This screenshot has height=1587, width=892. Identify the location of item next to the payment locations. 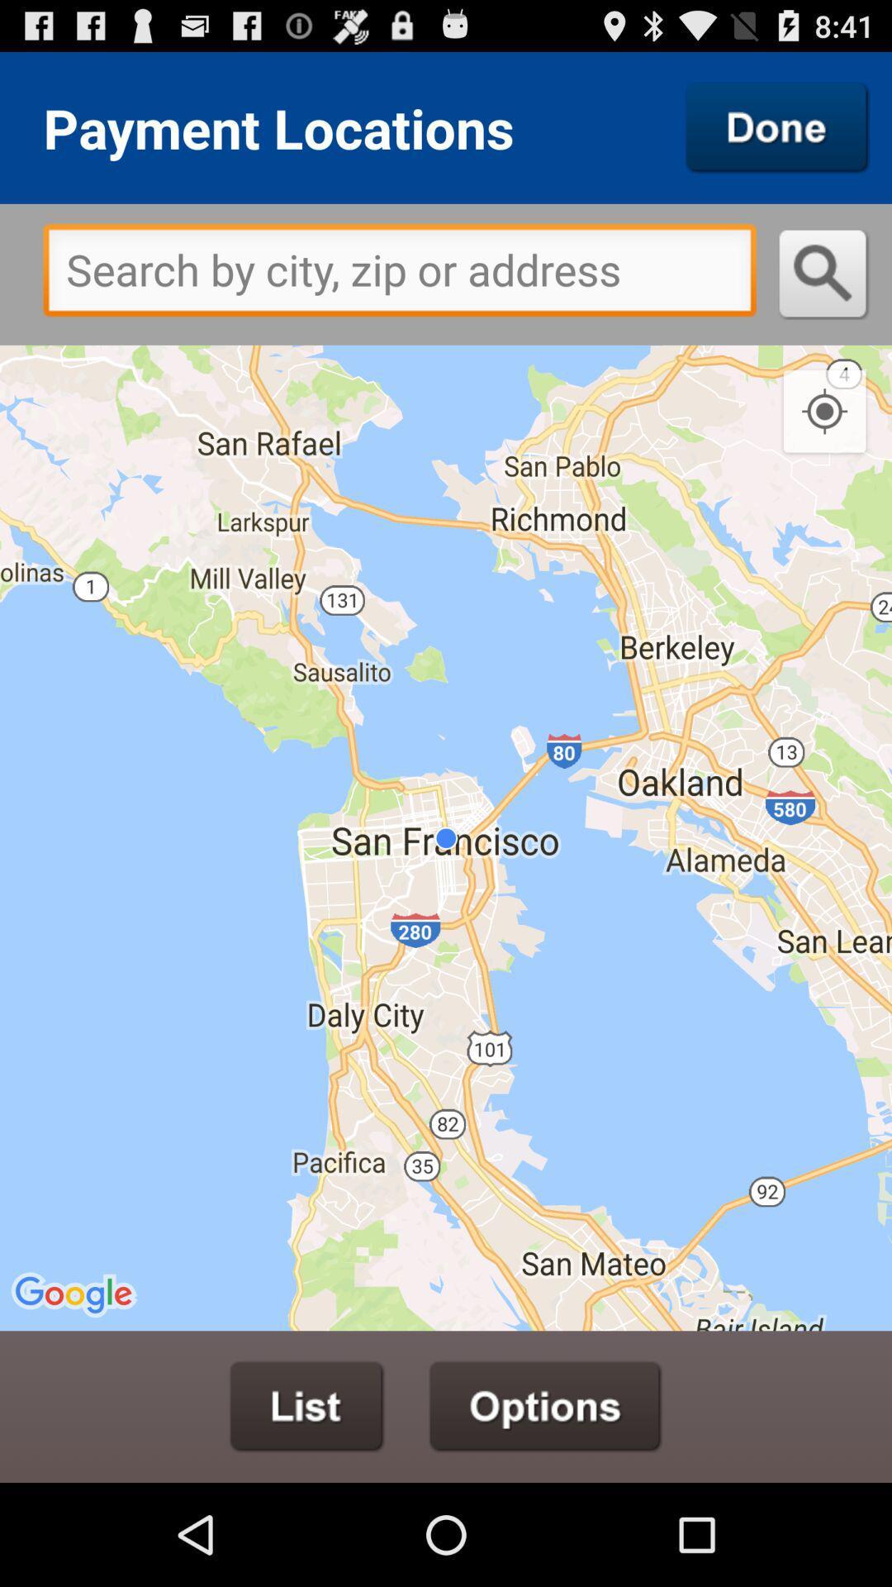
(777, 126).